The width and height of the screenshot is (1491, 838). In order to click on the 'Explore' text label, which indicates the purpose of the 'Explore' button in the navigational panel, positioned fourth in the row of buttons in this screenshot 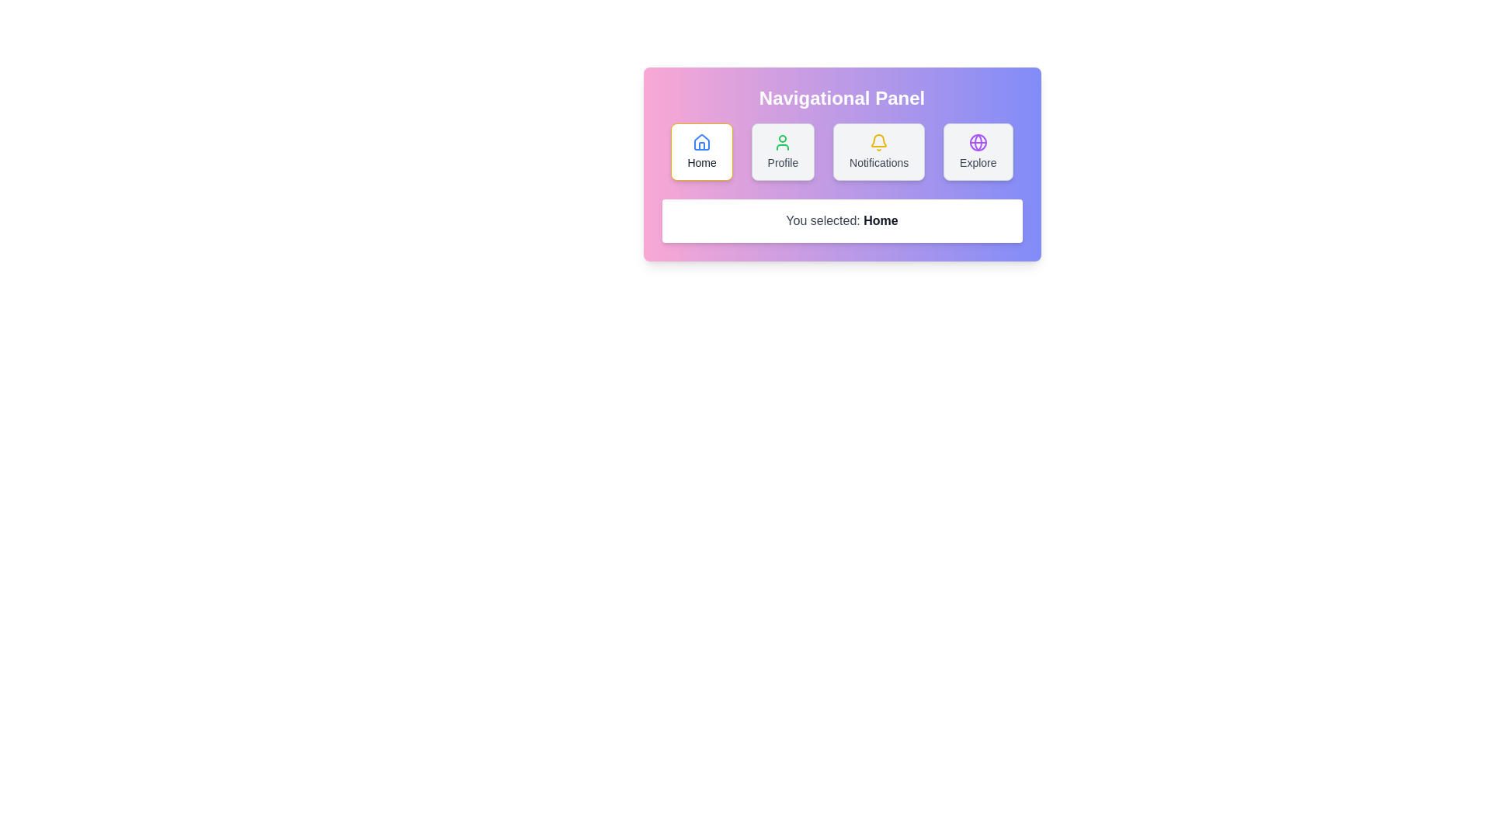, I will do `click(977, 162)`.